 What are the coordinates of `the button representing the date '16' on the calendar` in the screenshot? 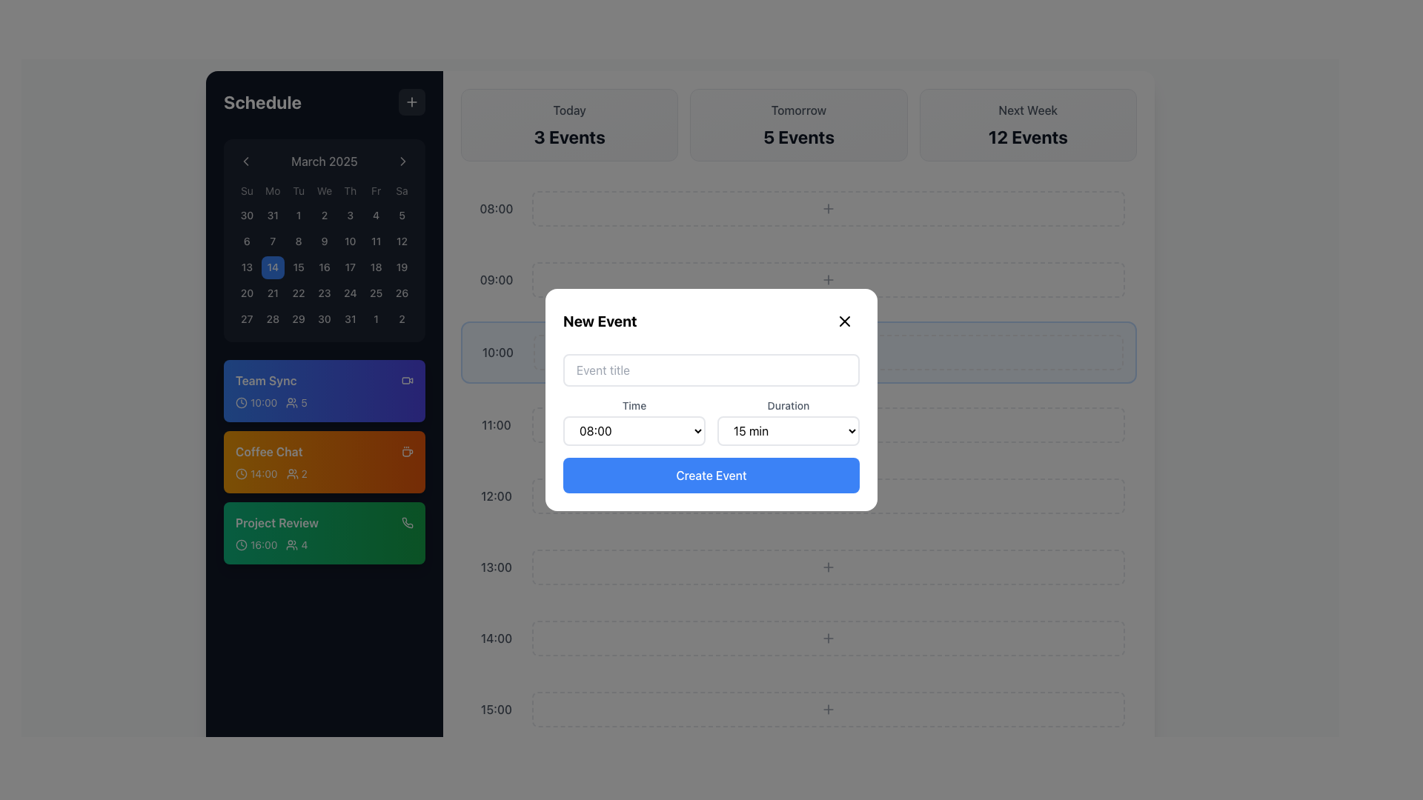 It's located at (323, 267).